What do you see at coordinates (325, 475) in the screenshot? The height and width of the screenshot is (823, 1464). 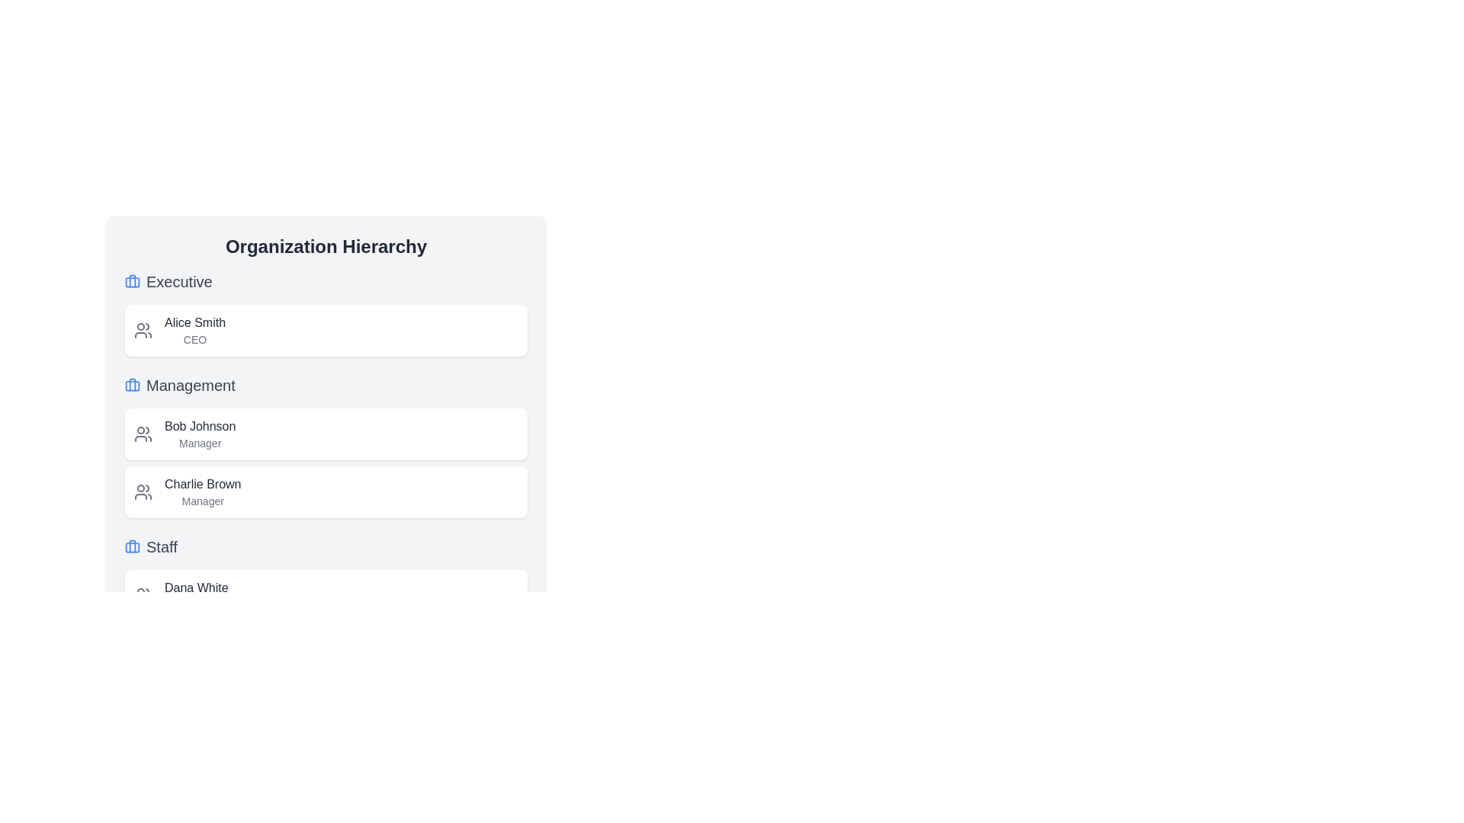 I see `the Profile card for 'Charlie Brown', the Manager, located in the 'Management' section of the 'Organization Hierarchy' panel` at bounding box center [325, 475].